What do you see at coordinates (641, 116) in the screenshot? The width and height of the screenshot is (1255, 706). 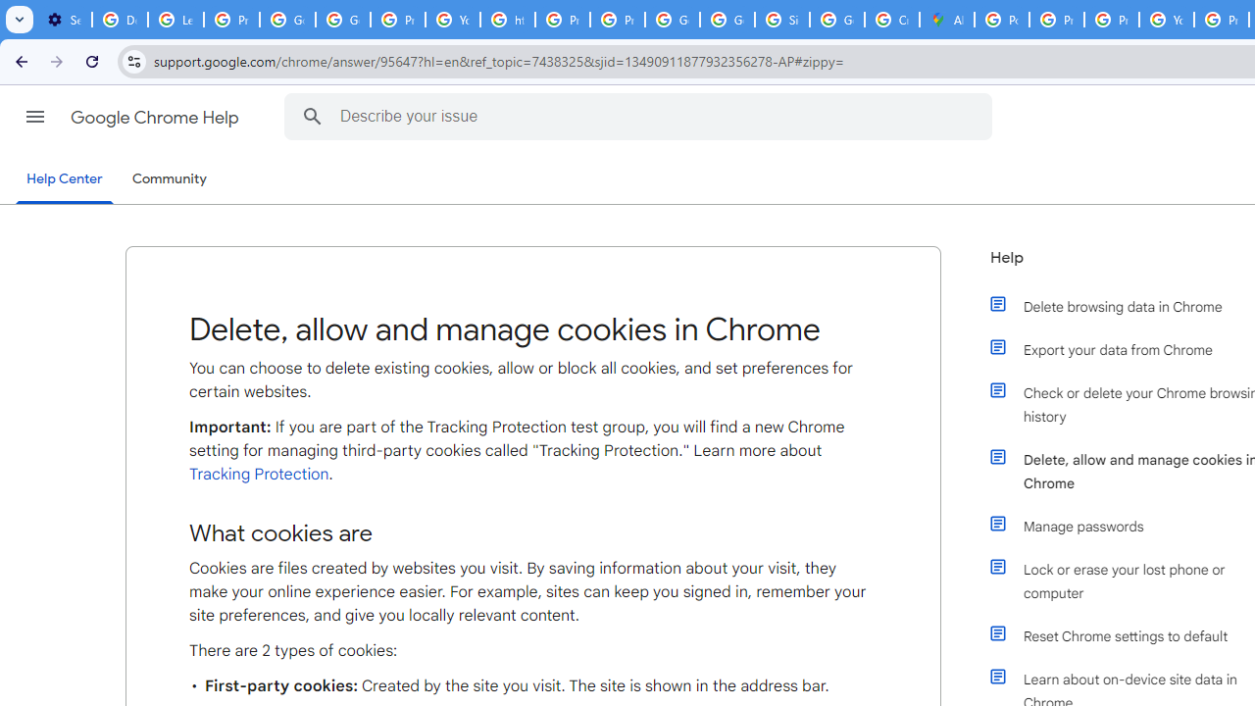 I see `'Describe your issue'` at bounding box center [641, 116].